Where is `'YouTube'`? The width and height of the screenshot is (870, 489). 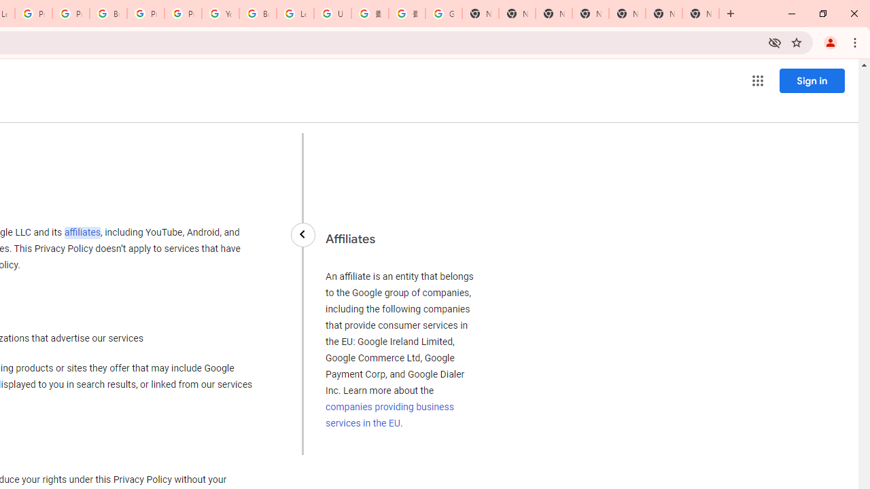 'YouTube' is located at coordinates (220, 14).